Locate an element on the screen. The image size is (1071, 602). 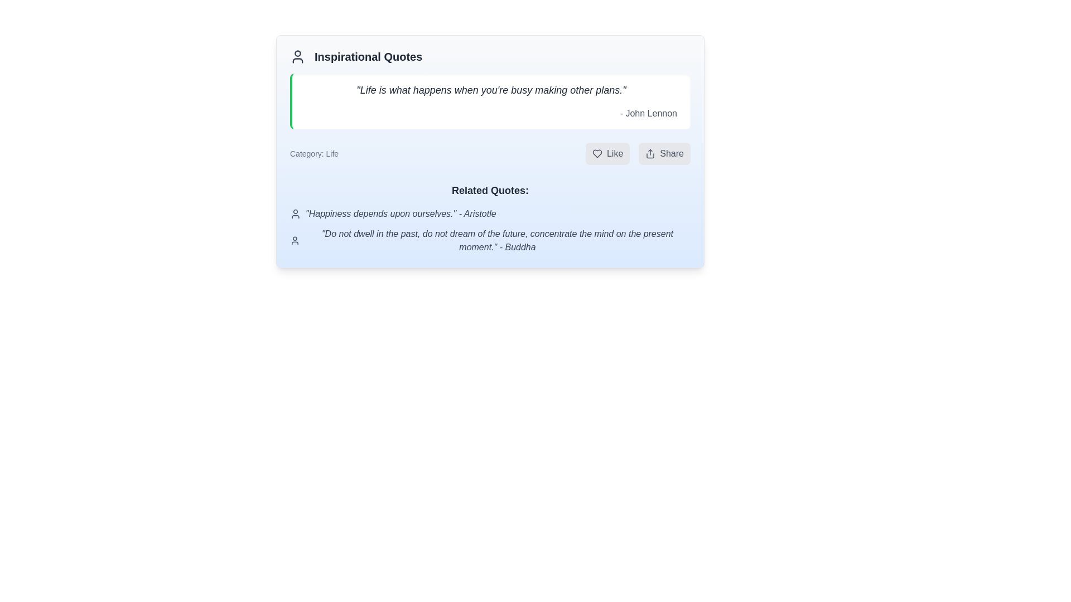
the heart-shaped icon located on the right side of the main content area beneath the quote text is located at coordinates (596, 154).